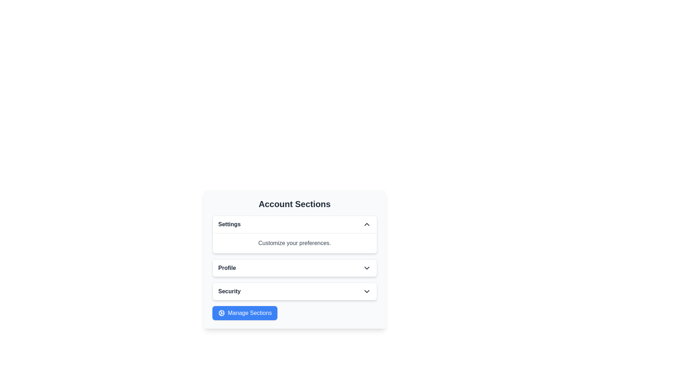 The image size is (682, 383). I want to click on the 'Security' text label in the third menu item of the 'Account Sections' panel, which is aligned on the left side next to a chevron-down icon, so click(229, 291).